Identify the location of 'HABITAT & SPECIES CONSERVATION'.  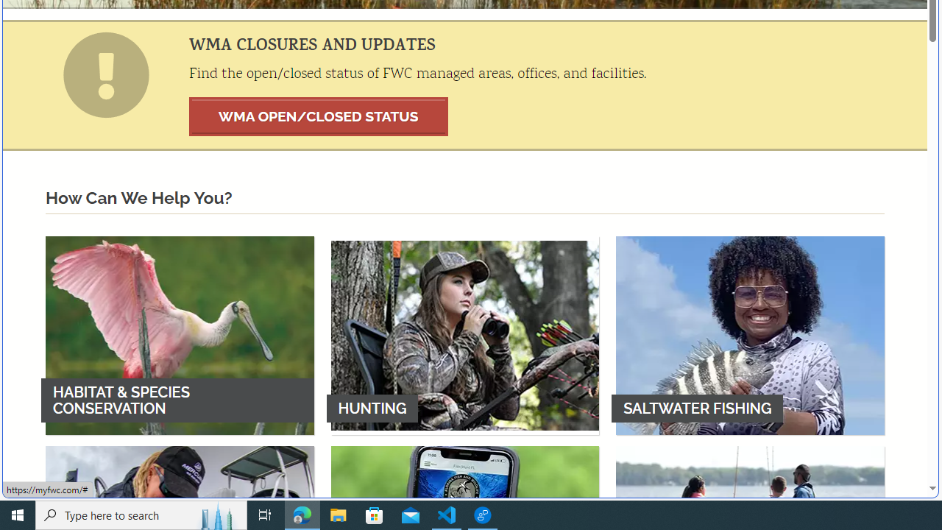
(179, 335).